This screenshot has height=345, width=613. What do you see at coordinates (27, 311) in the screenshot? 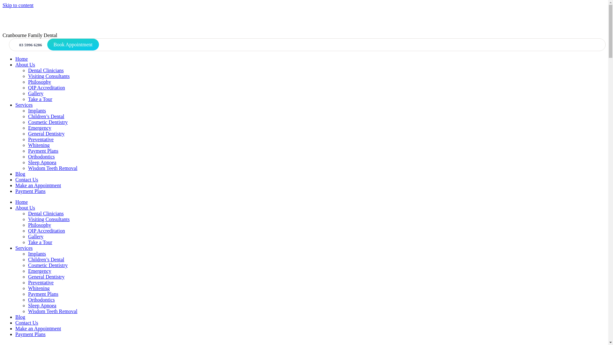
I see `'Wisdom Teeth Removal'` at bounding box center [27, 311].